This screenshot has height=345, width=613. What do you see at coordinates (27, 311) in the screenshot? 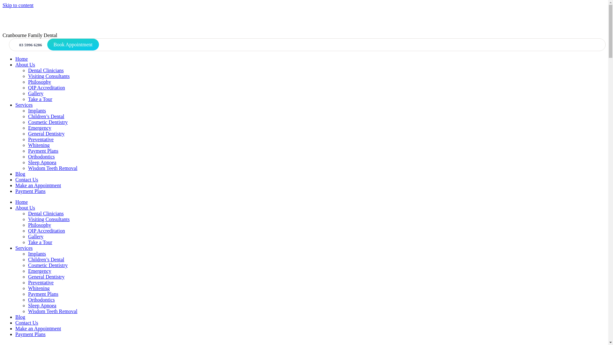
I see `'Wisdom Teeth Removal'` at bounding box center [27, 311].